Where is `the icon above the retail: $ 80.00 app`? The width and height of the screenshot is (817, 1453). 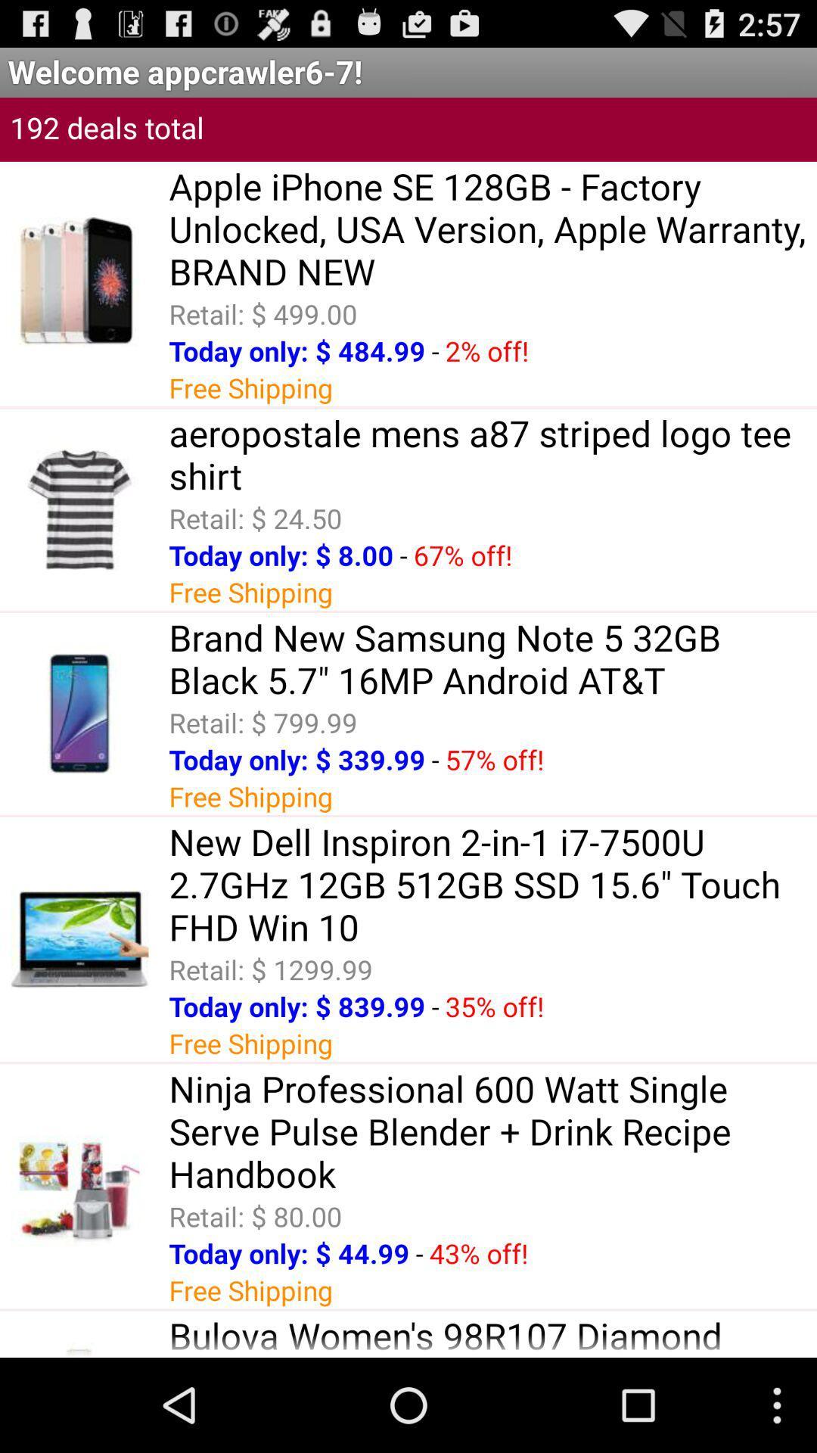
the icon above the retail: $ 80.00 app is located at coordinates (492, 1131).